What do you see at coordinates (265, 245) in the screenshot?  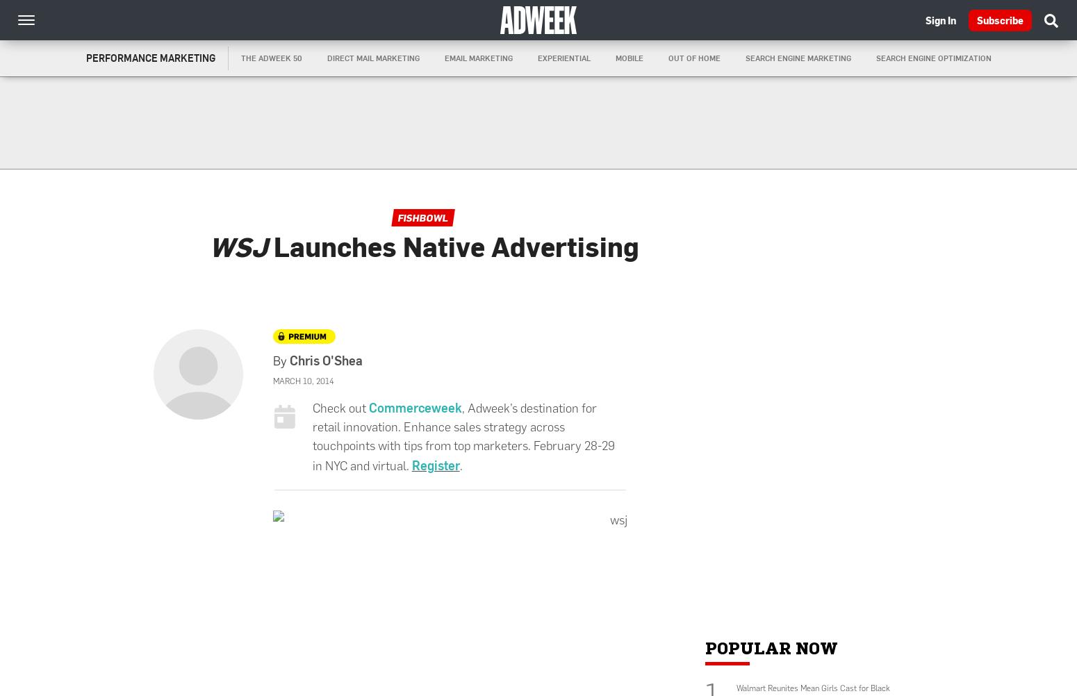 I see `'Launches Native Advertising'` at bounding box center [265, 245].